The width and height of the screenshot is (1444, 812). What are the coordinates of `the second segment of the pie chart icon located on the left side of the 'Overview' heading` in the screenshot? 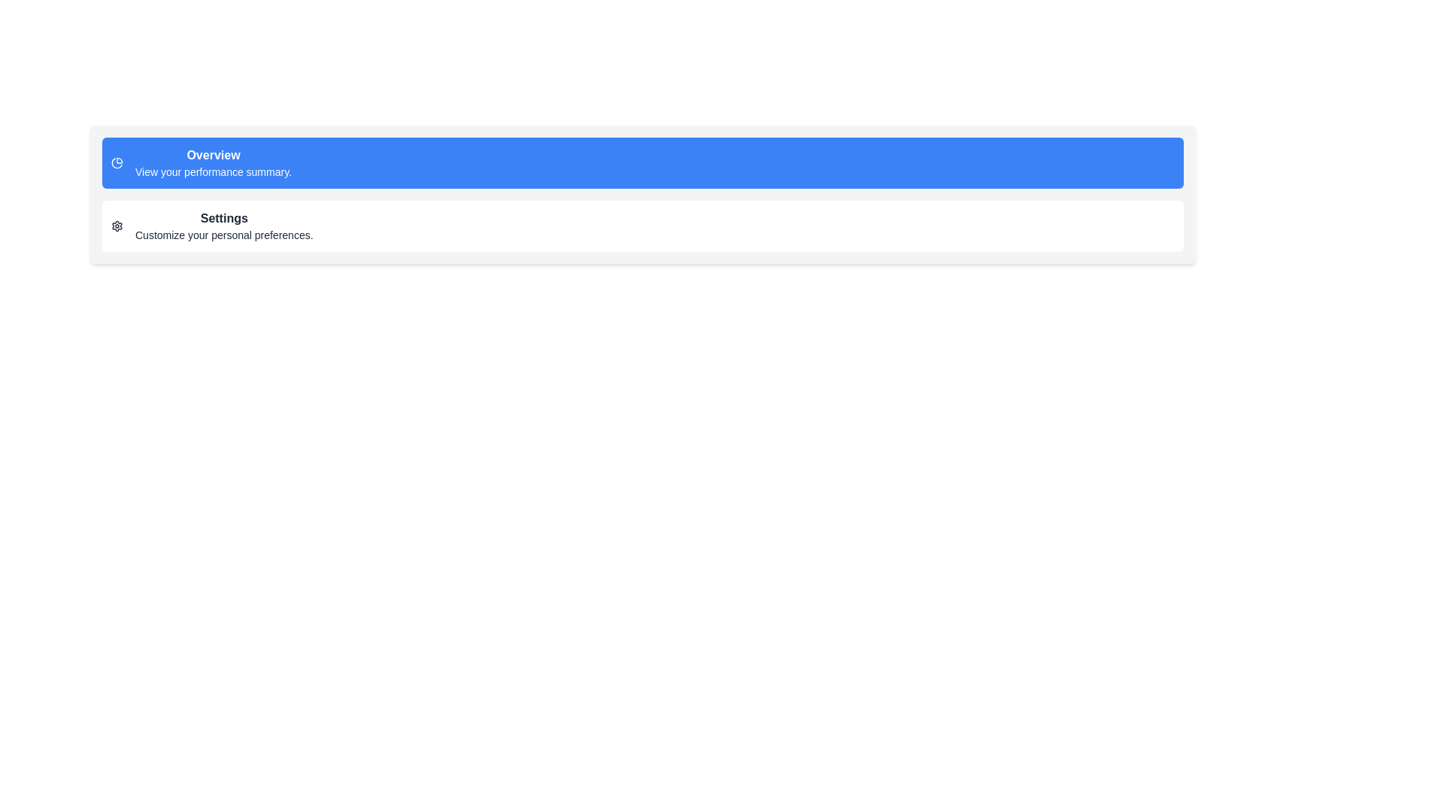 It's located at (116, 163).